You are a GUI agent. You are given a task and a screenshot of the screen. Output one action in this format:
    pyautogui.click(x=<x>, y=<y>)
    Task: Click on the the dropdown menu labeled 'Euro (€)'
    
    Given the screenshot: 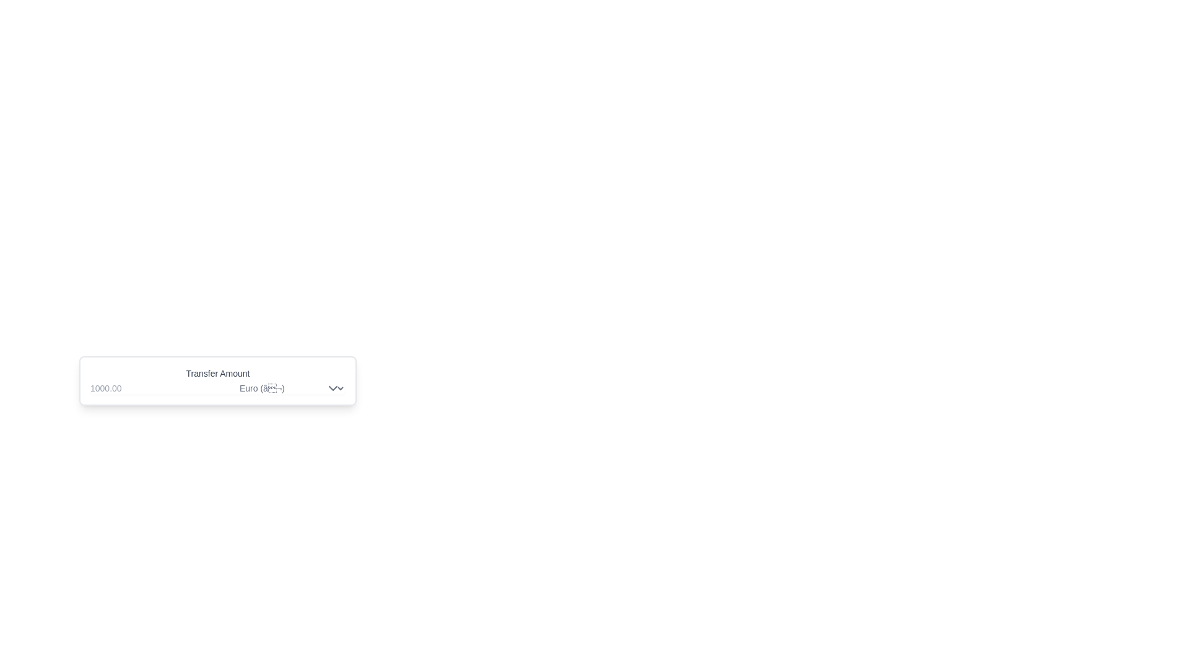 What is the action you would take?
    pyautogui.click(x=287, y=388)
    